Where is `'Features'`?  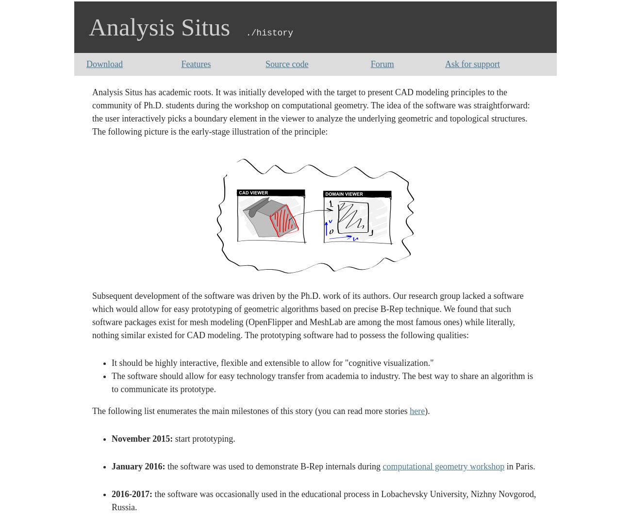
'Features' is located at coordinates (180, 63).